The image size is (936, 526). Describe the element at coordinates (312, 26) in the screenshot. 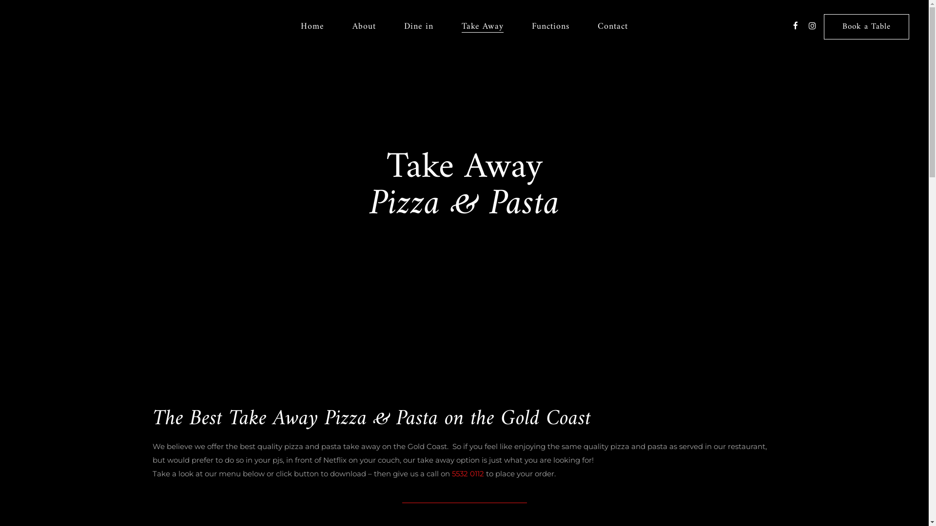

I see `'Home'` at that location.